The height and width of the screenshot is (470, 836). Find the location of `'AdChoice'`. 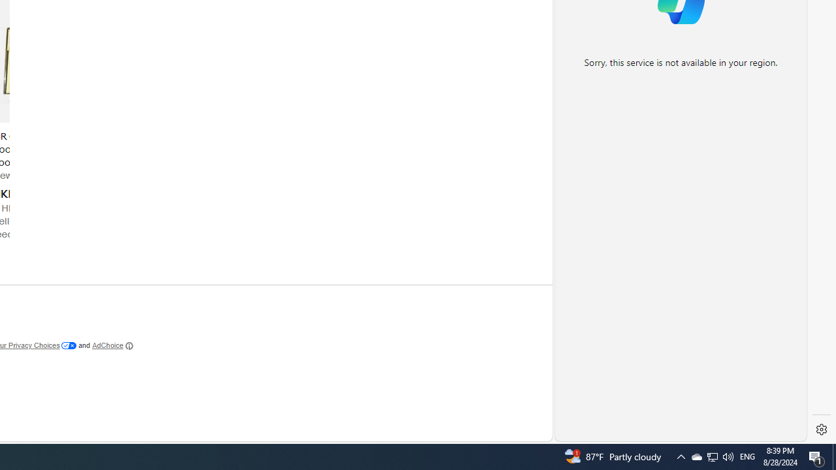

'AdChoice' is located at coordinates (112, 345).